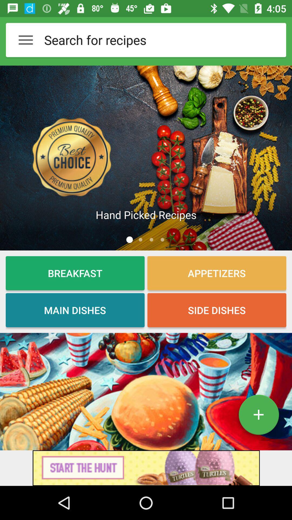 The width and height of the screenshot is (292, 520). What do you see at coordinates (258, 417) in the screenshot?
I see `dish` at bounding box center [258, 417].